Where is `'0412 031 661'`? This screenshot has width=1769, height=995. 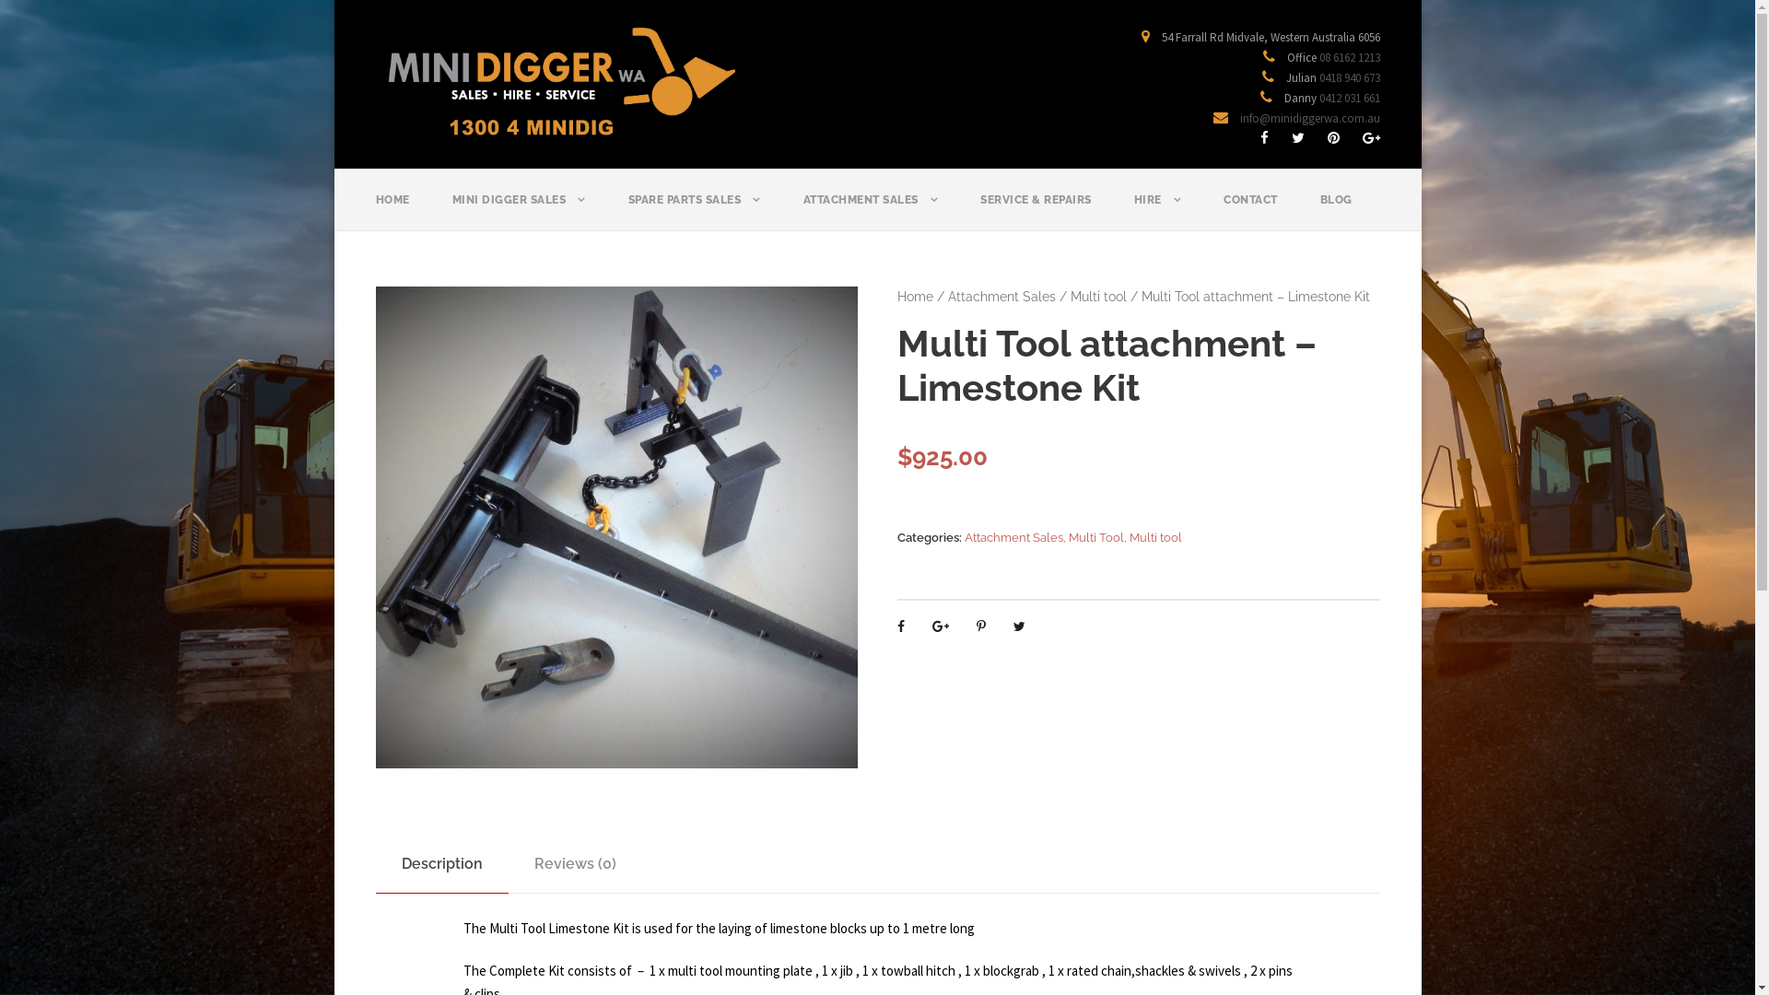
'0412 031 661' is located at coordinates (1349, 98).